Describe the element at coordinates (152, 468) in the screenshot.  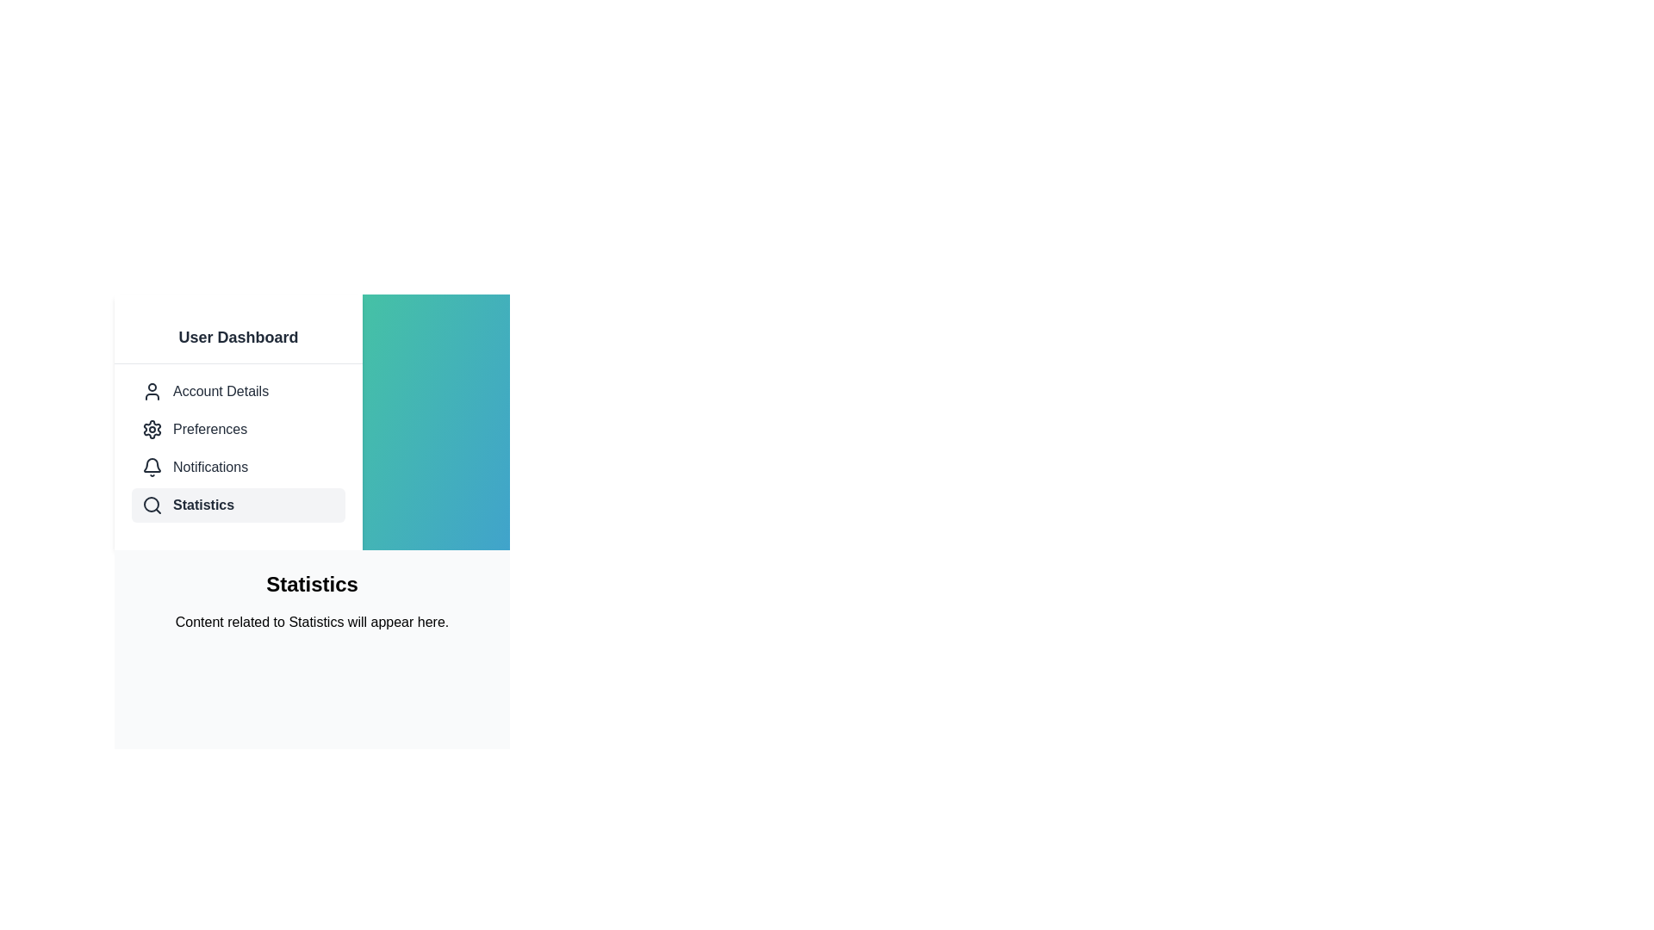
I see `the notifications SVG icon located in the left sidebar` at that location.